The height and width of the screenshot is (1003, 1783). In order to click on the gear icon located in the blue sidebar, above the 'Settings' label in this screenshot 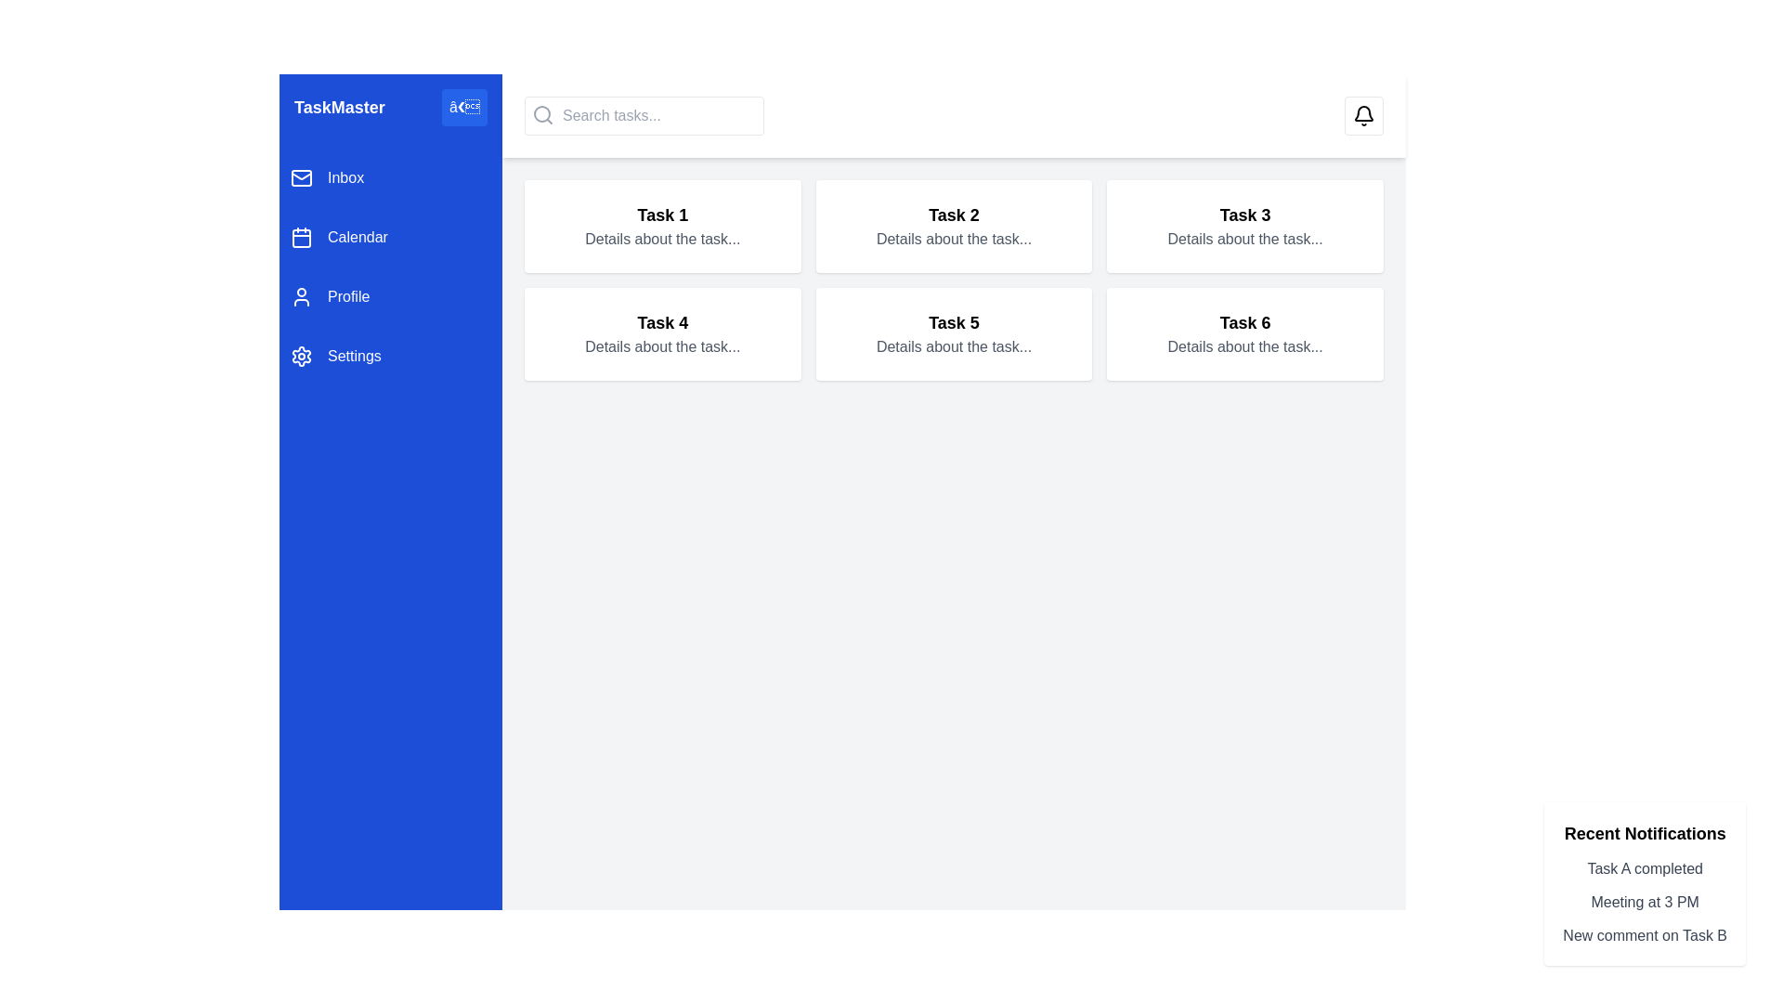, I will do `click(302, 357)`.